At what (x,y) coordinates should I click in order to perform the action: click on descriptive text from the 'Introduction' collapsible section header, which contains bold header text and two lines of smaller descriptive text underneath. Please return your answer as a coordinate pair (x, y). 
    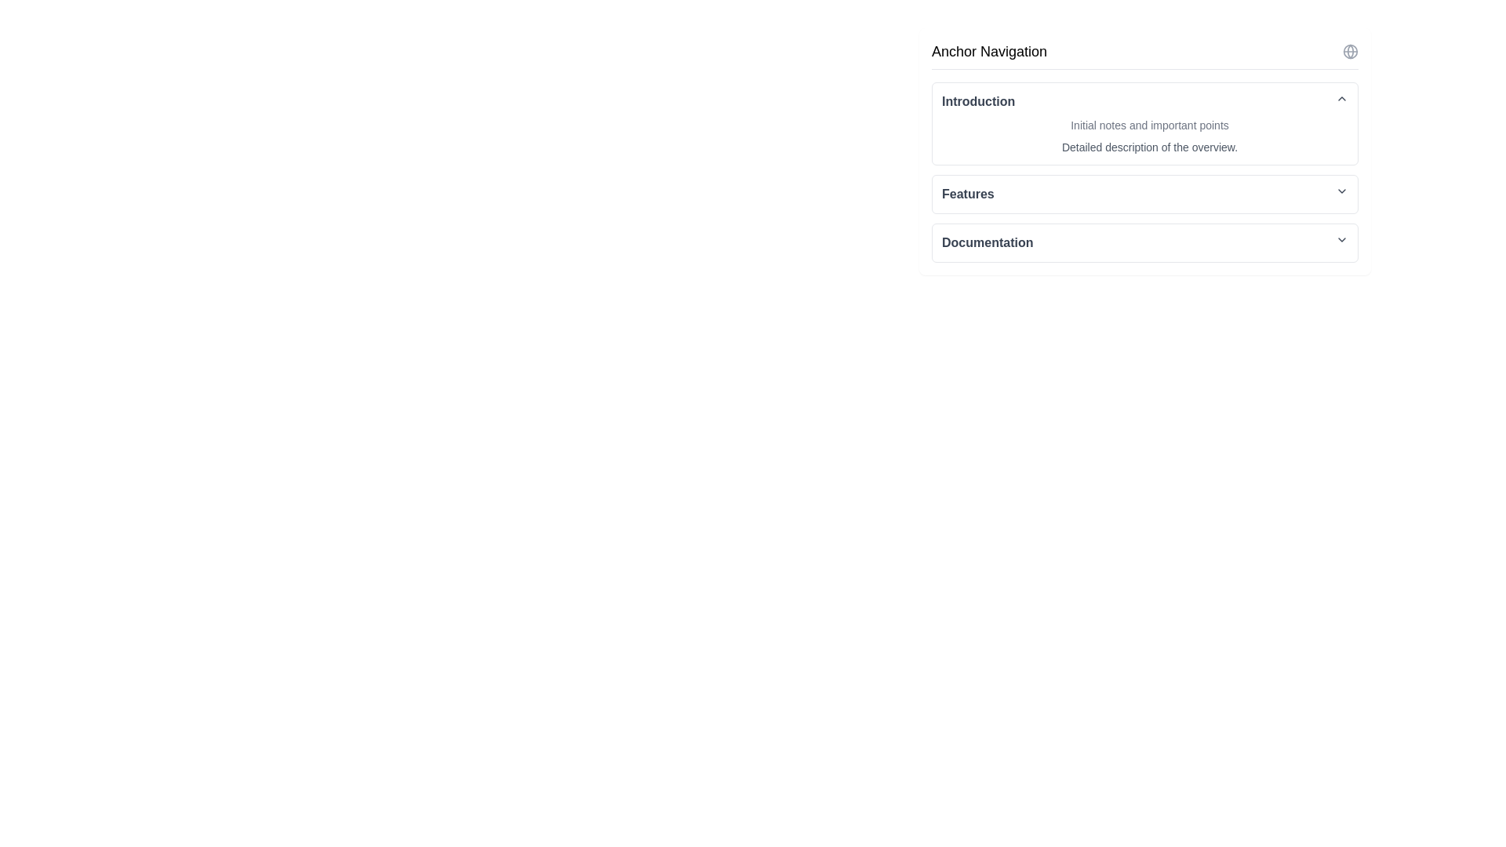
    Looking at the image, I should click on (1144, 123).